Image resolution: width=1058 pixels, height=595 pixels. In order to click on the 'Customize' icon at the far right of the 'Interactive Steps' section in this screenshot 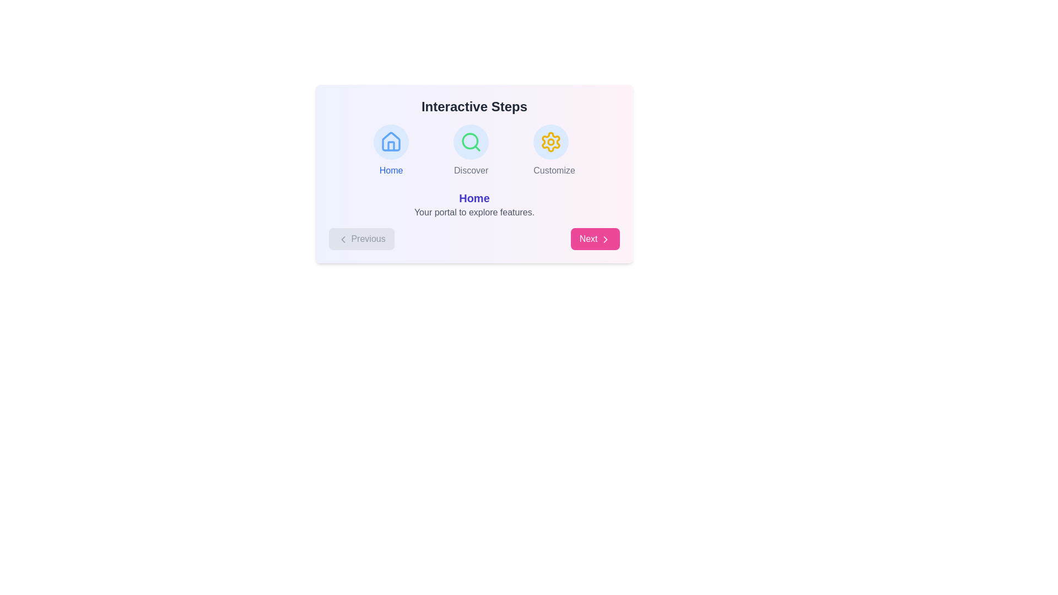, I will do `click(551, 142)`.